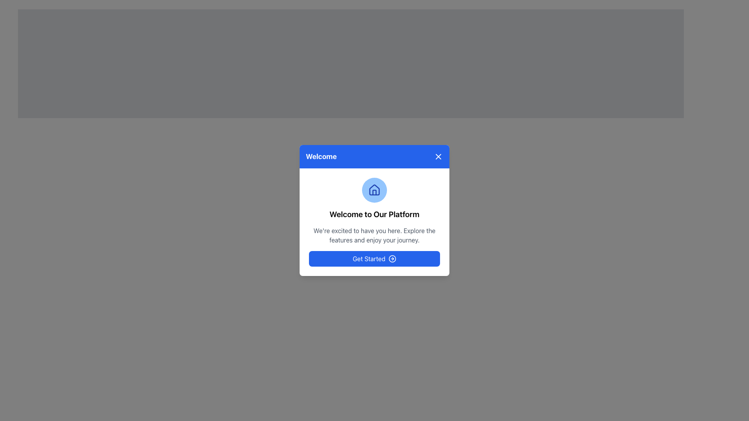  What do you see at coordinates (374, 189) in the screenshot?
I see `the house-shaped SVG icon element with a blue outline and light blue circular background, located centrally within the welcome dialog box, beneath the title 'Welcome'` at bounding box center [374, 189].